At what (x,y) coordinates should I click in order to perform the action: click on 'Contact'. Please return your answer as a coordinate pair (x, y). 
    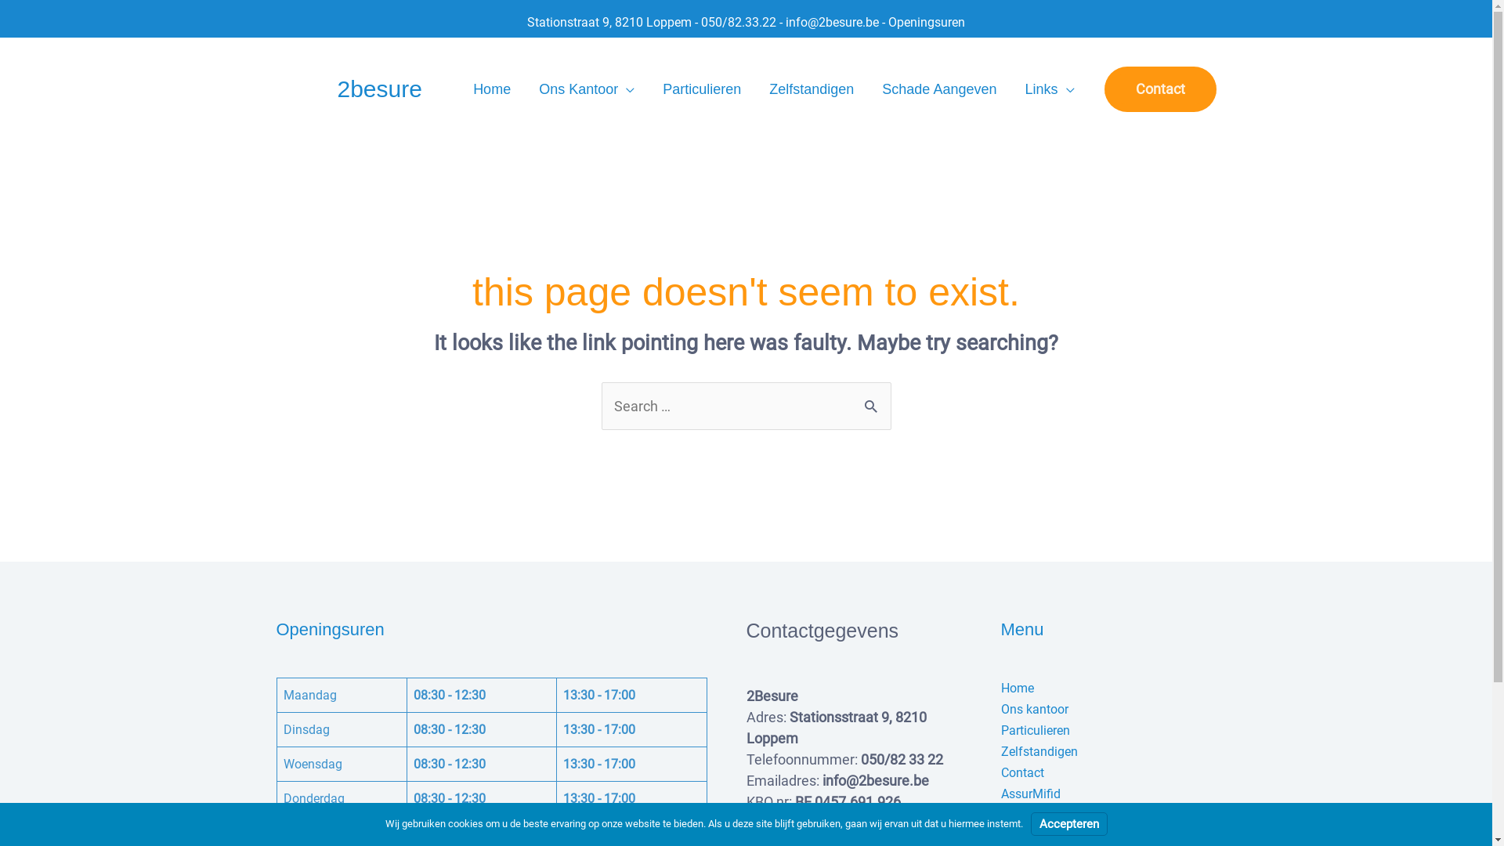
    Looking at the image, I should click on (1160, 89).